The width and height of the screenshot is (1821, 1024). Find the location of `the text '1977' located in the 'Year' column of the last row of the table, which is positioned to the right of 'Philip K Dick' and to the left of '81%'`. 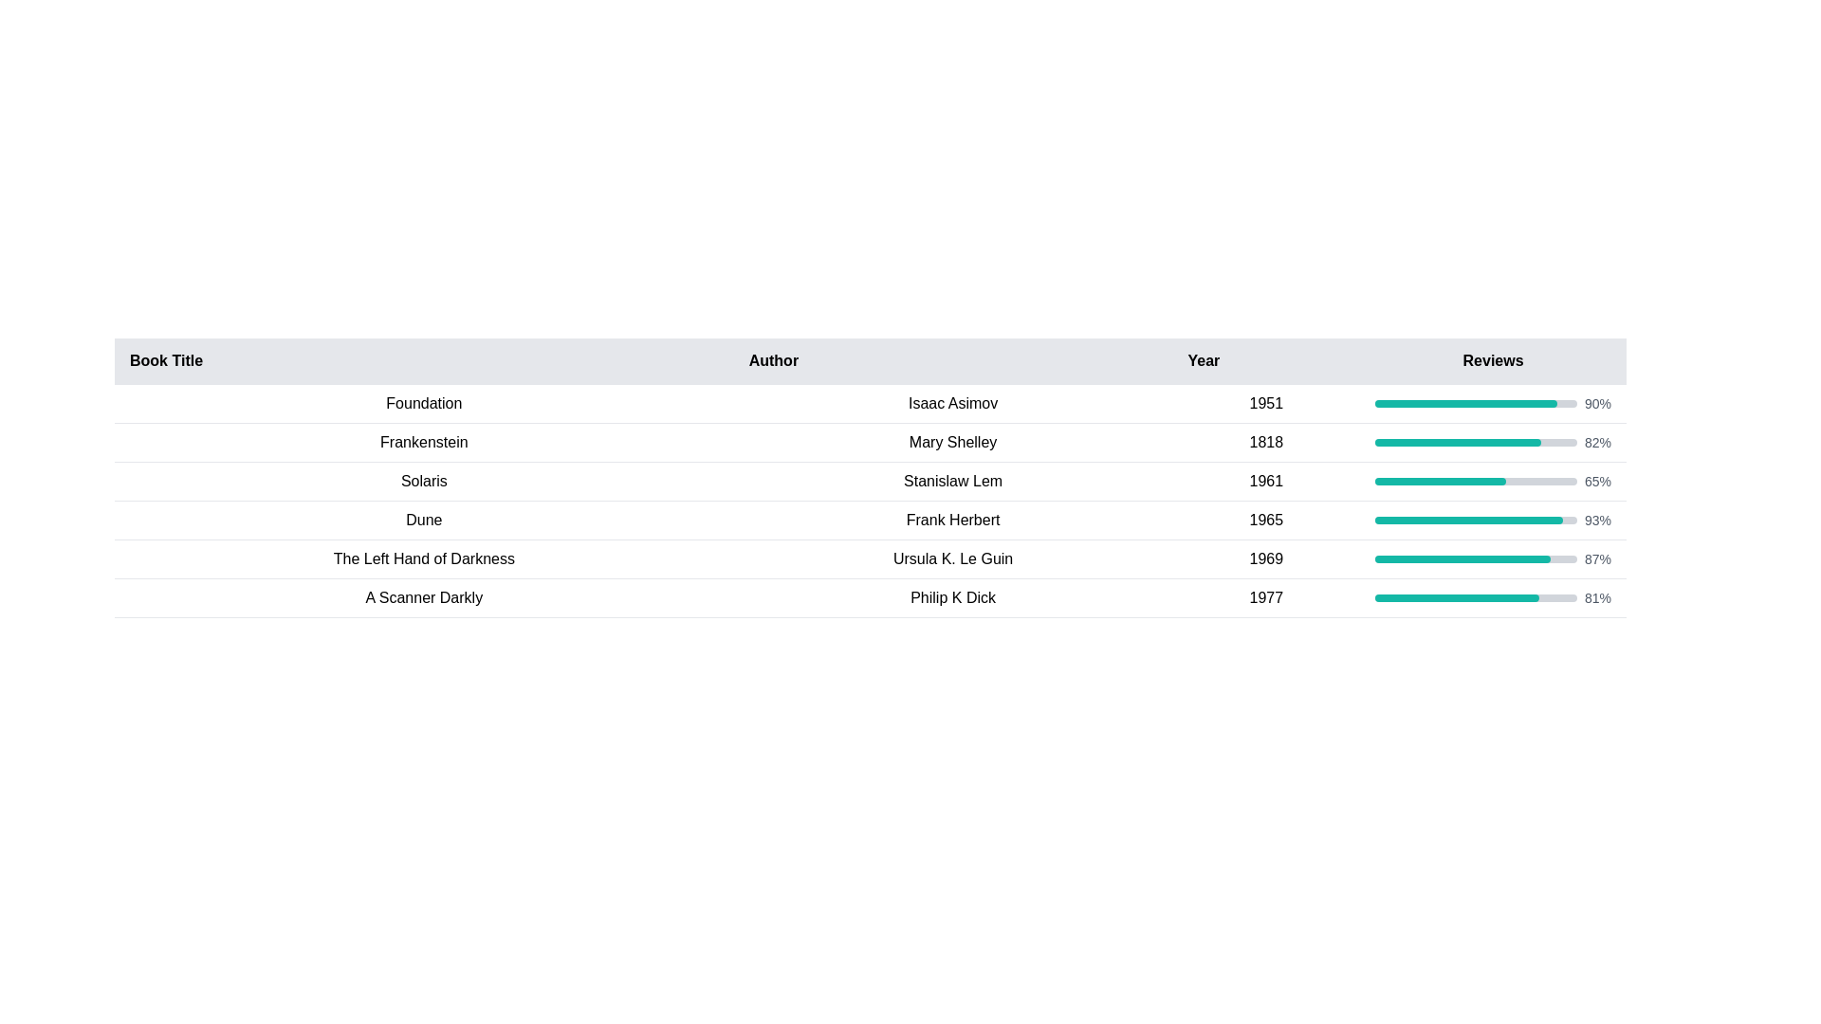

the text '1977' located in the 'Year' column of the last row of the table, which is positioned to the right of 'Philip K Dick' and to the left of '81%' is located at coordinates (1266, 598).